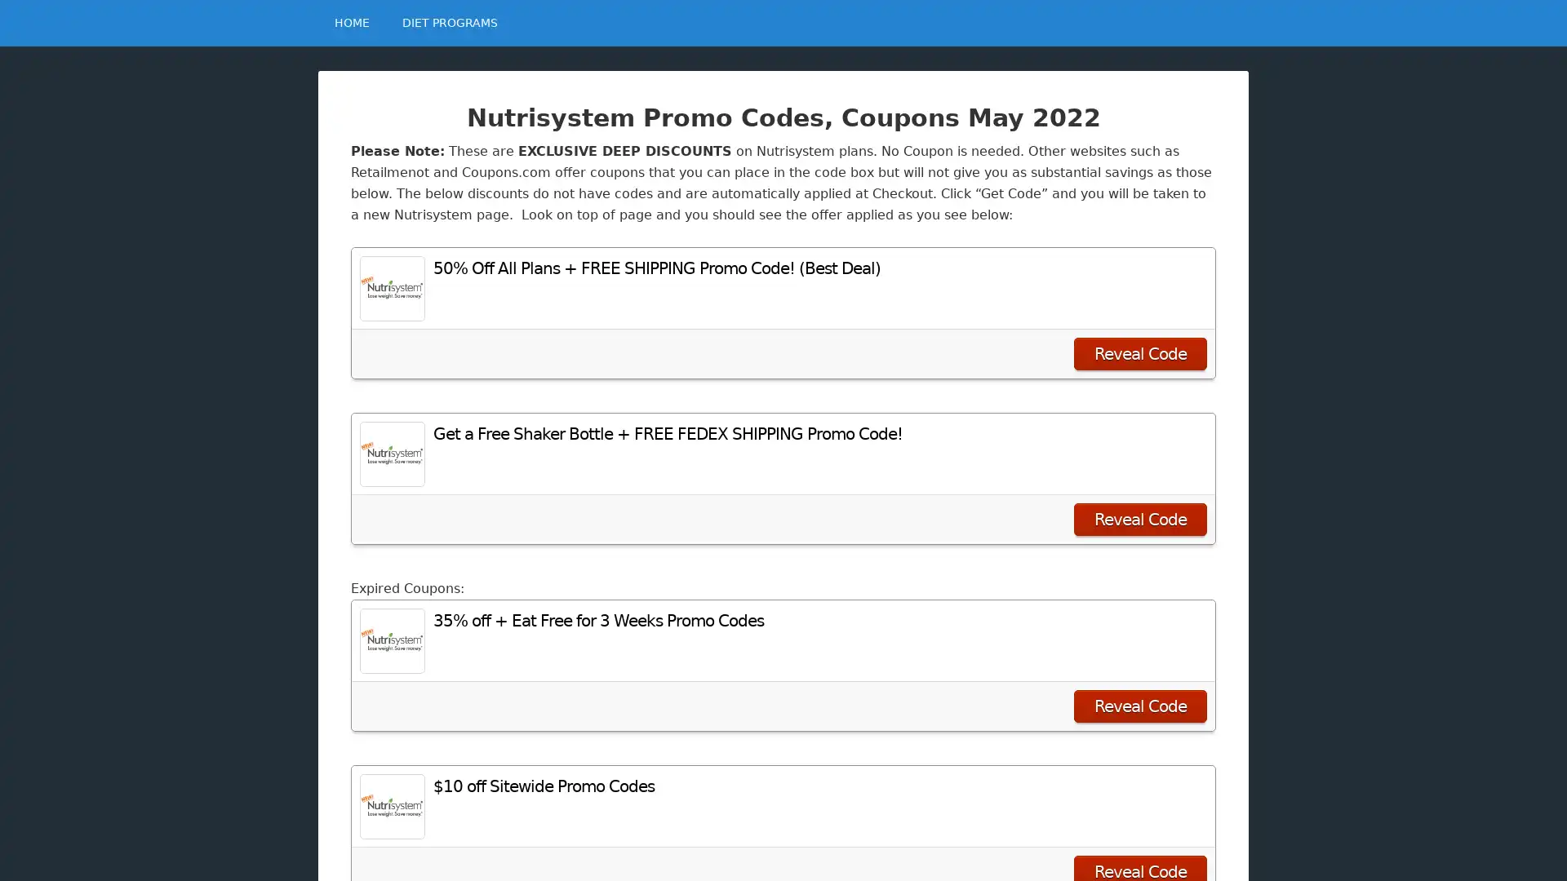 This screenshot has width=1567, height=881. What do you see at coordinates (1139, 706) in the screenshot?
I see `Reveal Code` at bounding box center [1139, 706].